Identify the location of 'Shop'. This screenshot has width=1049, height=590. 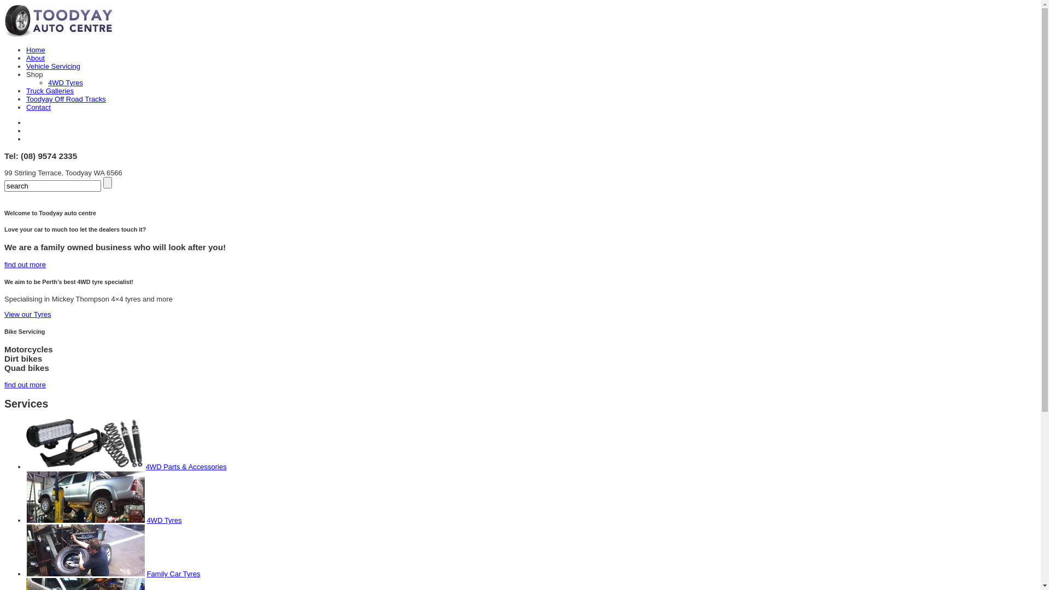
(34, 74).